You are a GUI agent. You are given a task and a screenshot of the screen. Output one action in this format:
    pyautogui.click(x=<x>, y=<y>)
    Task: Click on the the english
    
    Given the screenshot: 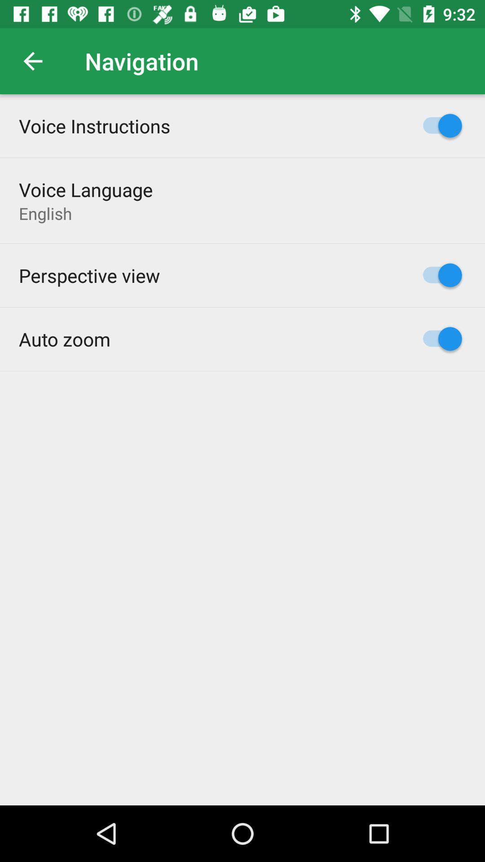 What is the action you would take?
    pyautogui.click(x=45, y=213)
    